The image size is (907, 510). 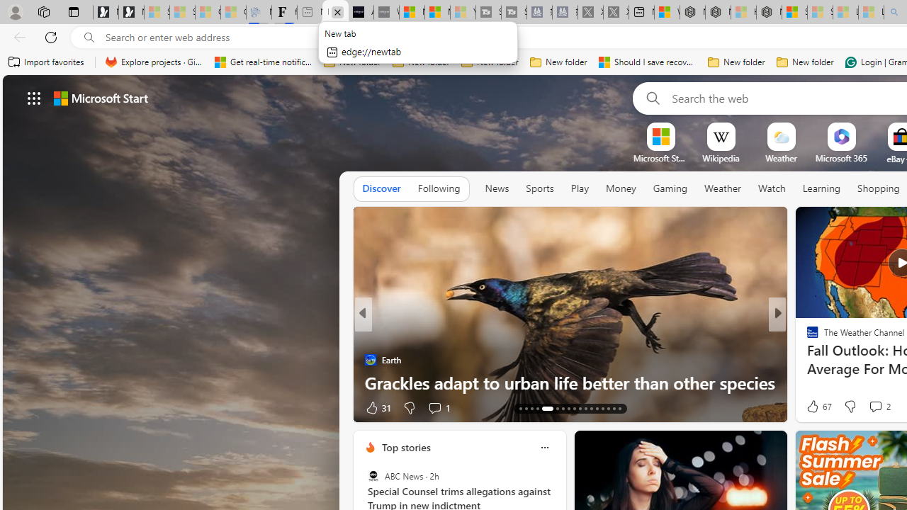 What do you see at coordinates (381, 188) in the screenshot?
I see `'Discover'` at bounding box center [381, 188].